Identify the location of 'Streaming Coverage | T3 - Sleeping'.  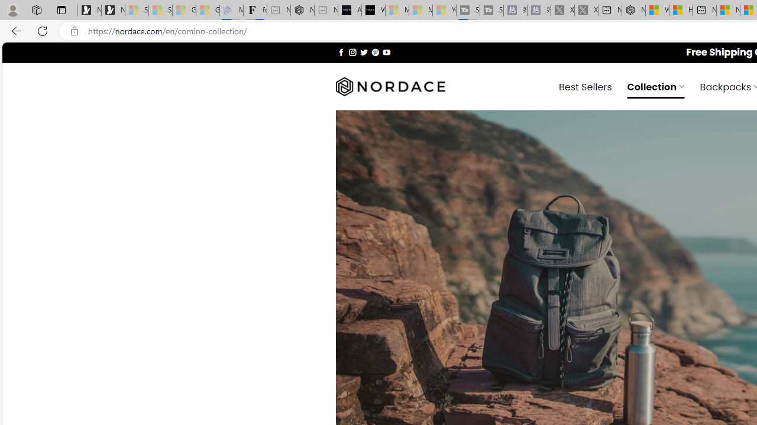
(467, 10).